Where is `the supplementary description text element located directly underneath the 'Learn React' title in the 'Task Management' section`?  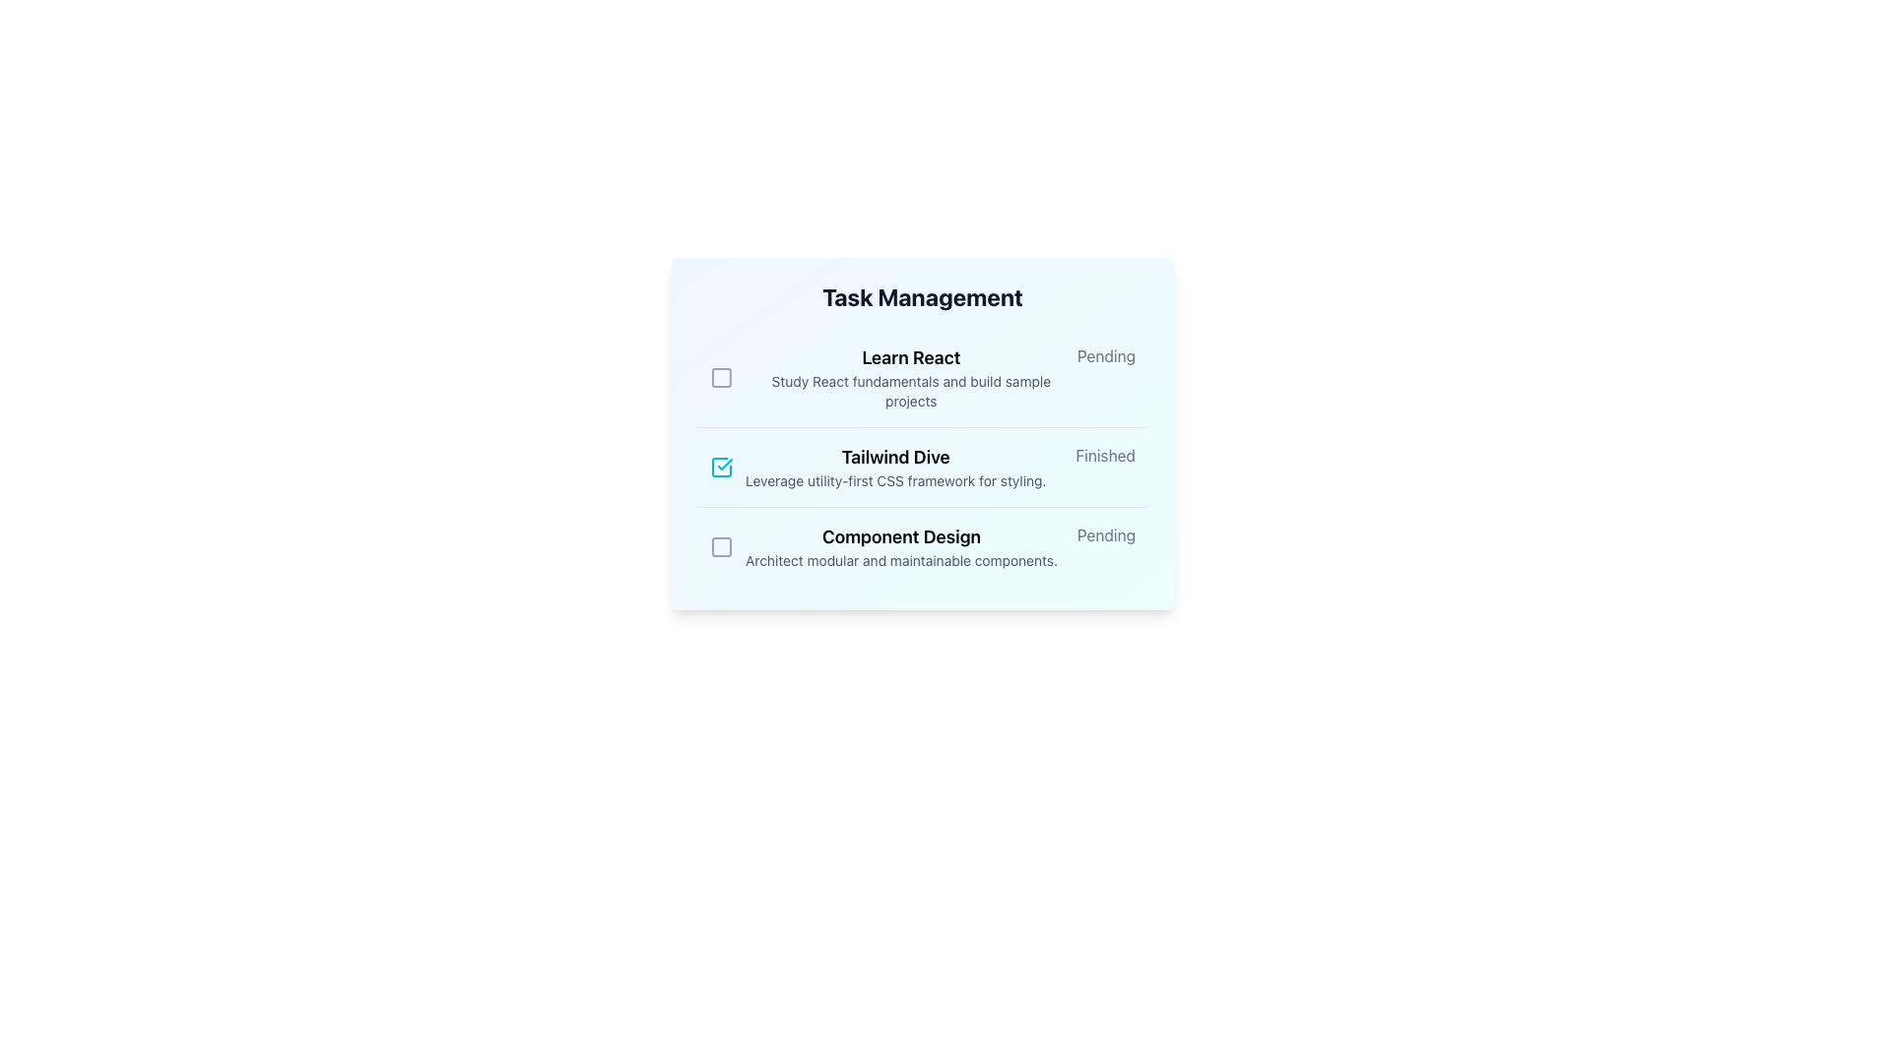
the supplementary description text element located directly underneath the 'Learn React' title in the 'Task Management' section is located at coordinates (910, 391).